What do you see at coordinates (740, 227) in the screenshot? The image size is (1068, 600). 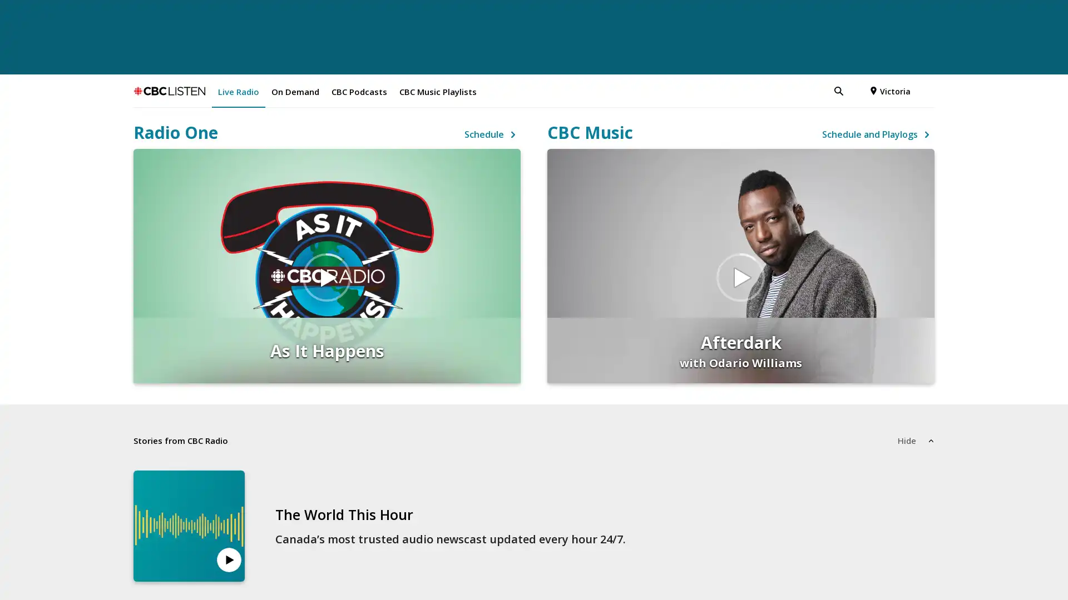 I see `Play CBC Music` at bounding box center [740, 227].